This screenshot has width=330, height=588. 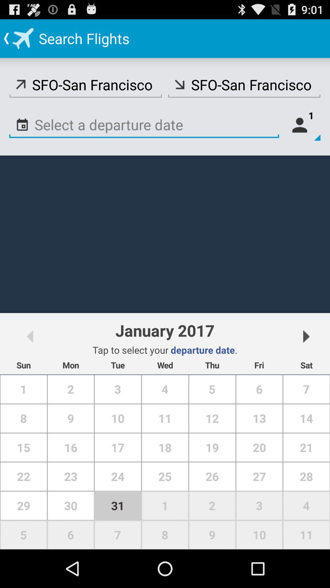 I want to click on the avatar icon, so click(x=302, y=133).